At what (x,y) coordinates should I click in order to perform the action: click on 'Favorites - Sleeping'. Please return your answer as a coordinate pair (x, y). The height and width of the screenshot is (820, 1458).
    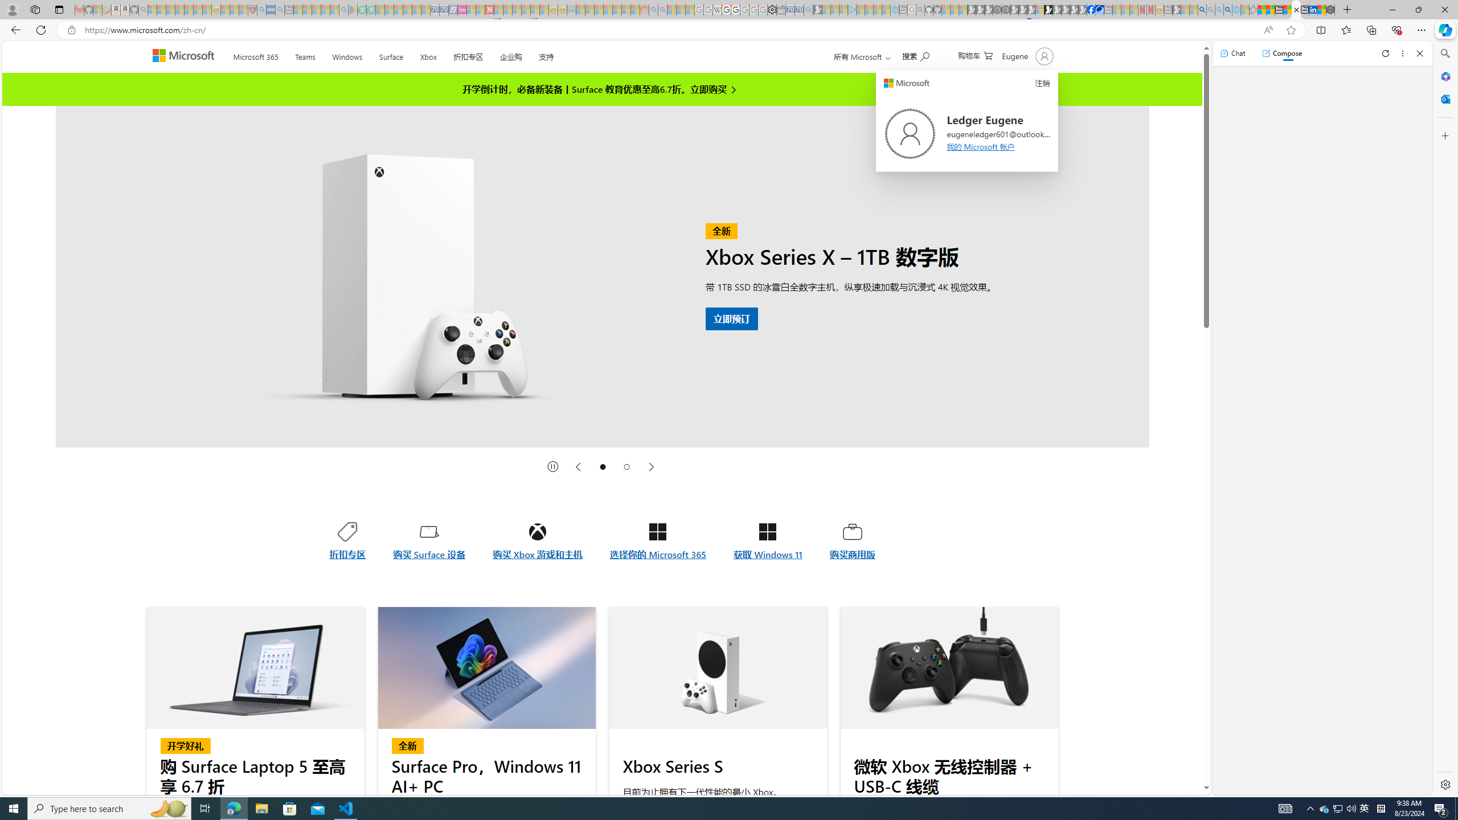
    Looking at the image, I should click on (1254, 9).